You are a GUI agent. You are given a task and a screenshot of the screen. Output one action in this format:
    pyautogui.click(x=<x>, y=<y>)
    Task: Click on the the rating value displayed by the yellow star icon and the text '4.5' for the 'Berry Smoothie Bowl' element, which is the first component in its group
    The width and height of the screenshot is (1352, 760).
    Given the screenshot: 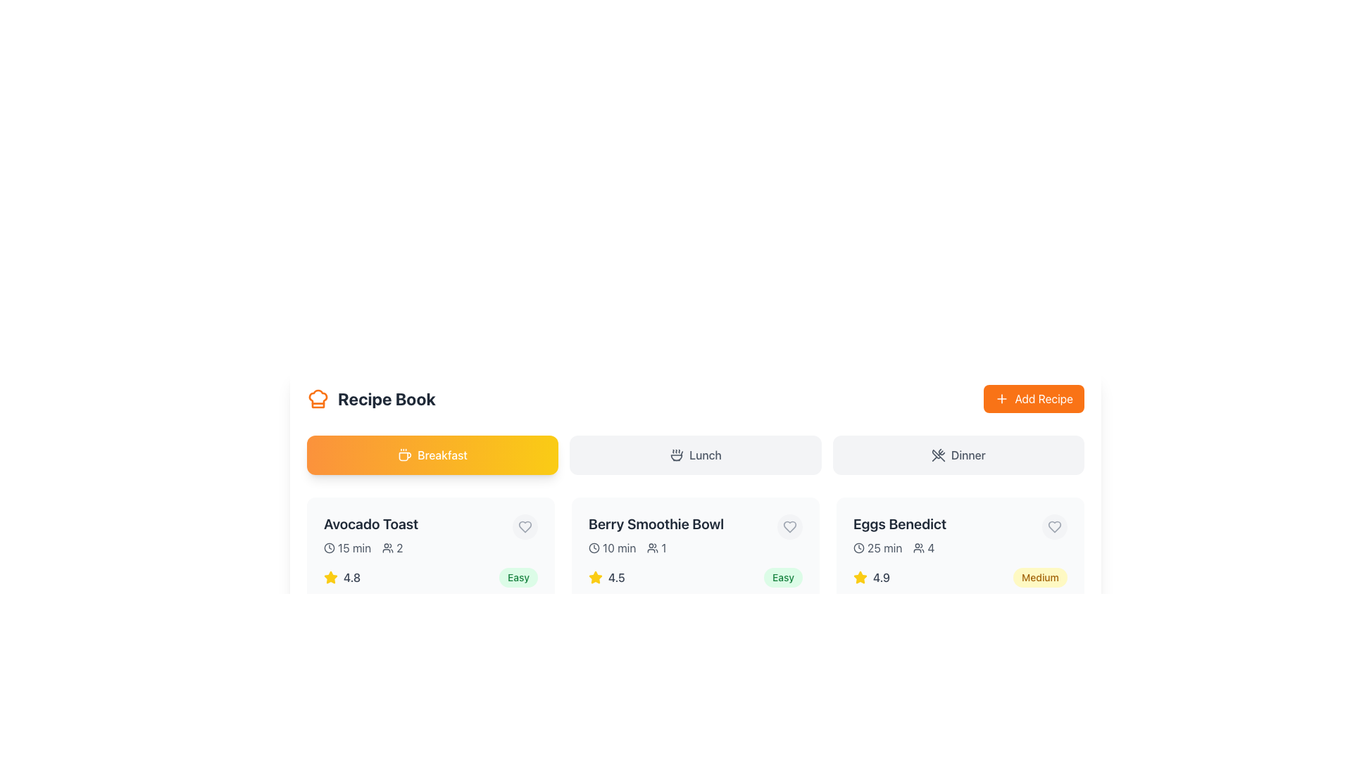 What is the action you would take?
    pyautogui.click(x=606, y=578)
    